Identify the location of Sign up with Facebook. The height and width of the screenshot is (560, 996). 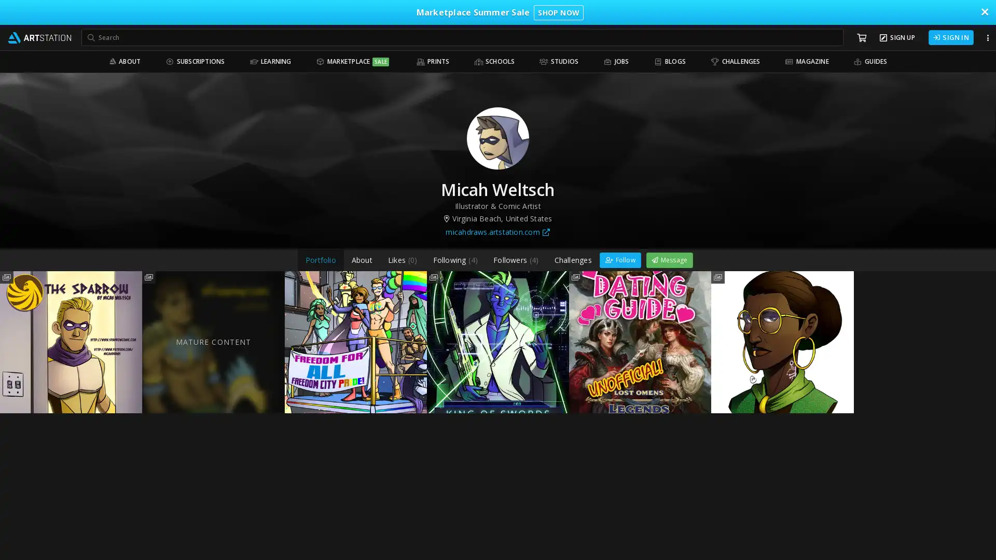
(498, 80).